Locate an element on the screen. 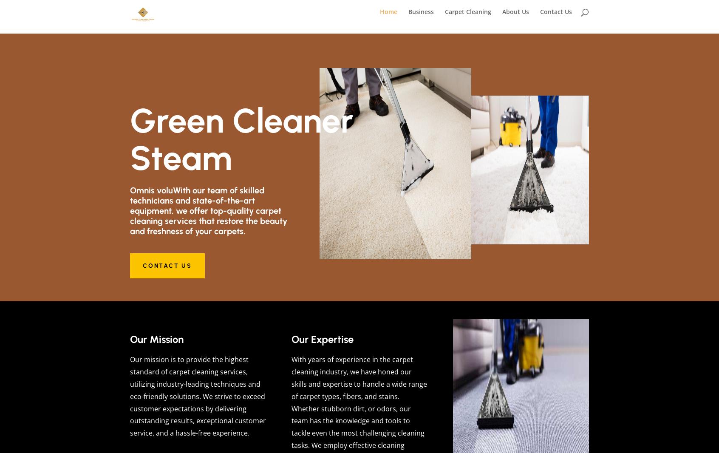 This screenshot has height=453, width=719. 'Green Cleaner Steam' is located at coordinates (241, 139).